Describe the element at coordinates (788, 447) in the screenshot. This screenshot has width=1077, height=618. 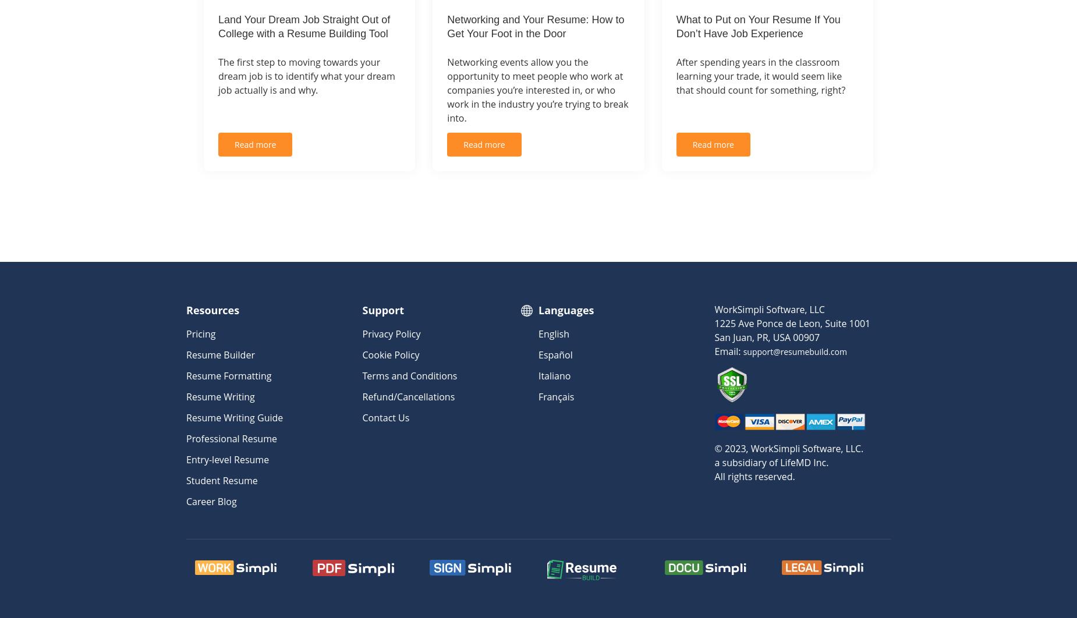
I see `'©️ 2023, WorkSimpli Software, LLC.'` at that location.